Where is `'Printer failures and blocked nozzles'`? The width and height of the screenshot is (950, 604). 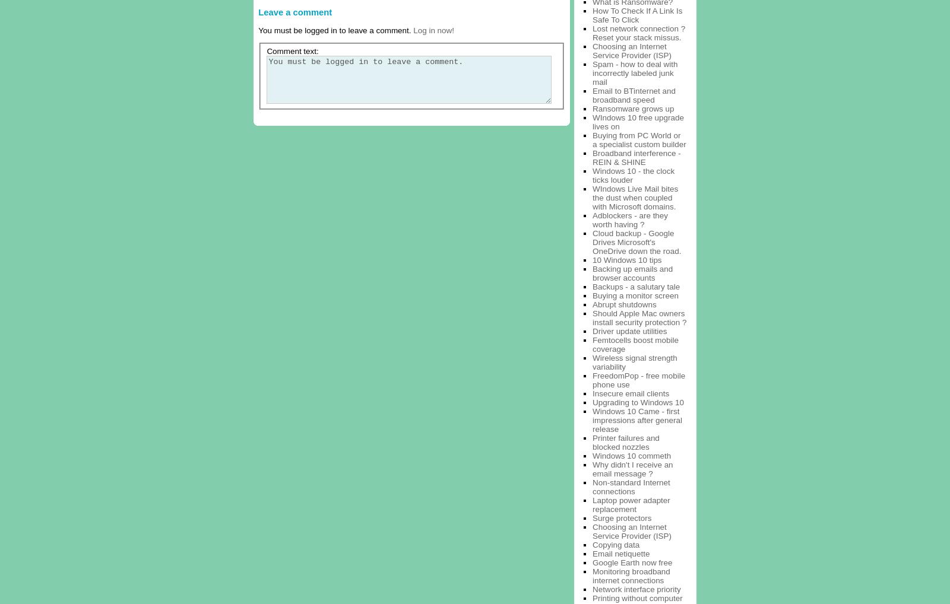 'Printer failures and blocked nozzles' is located at coordinates (592, 441).